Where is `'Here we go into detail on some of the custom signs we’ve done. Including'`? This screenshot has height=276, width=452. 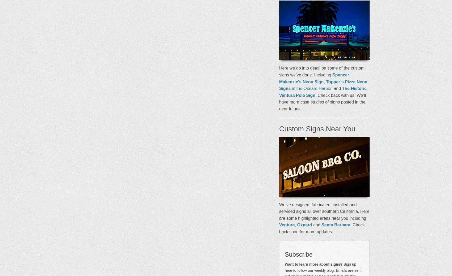
'Here we go into detail on some of the custom signs we’ve done. Including' is located at coordinates (321, 71).